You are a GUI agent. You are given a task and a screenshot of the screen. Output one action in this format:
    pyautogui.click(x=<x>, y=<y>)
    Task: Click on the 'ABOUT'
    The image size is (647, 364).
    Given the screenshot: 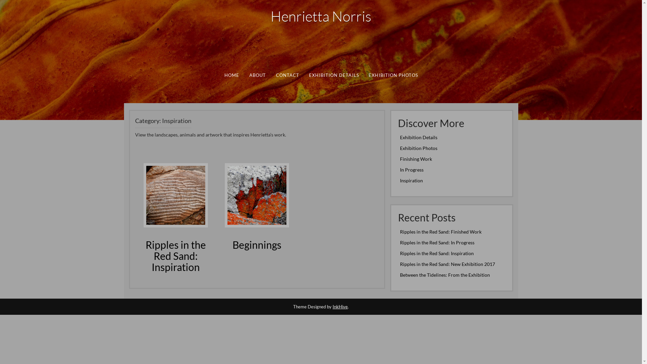 What is the action you would take?
    pyautogui.click(x=257, y=75)
    